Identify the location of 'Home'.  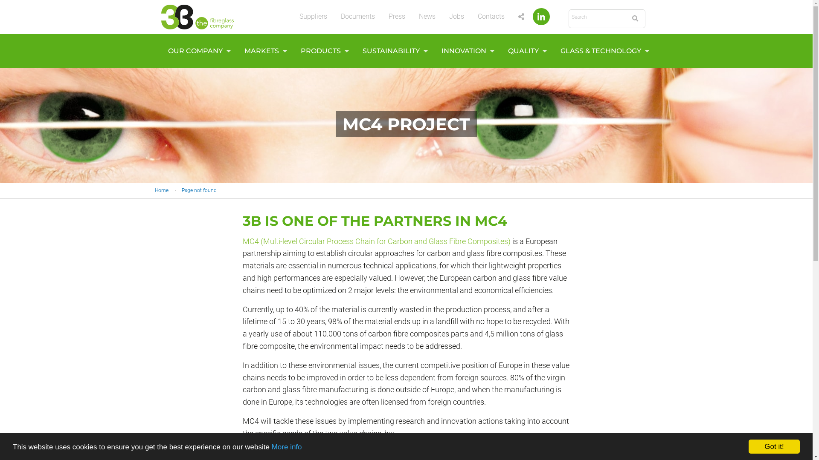
(161, 190).